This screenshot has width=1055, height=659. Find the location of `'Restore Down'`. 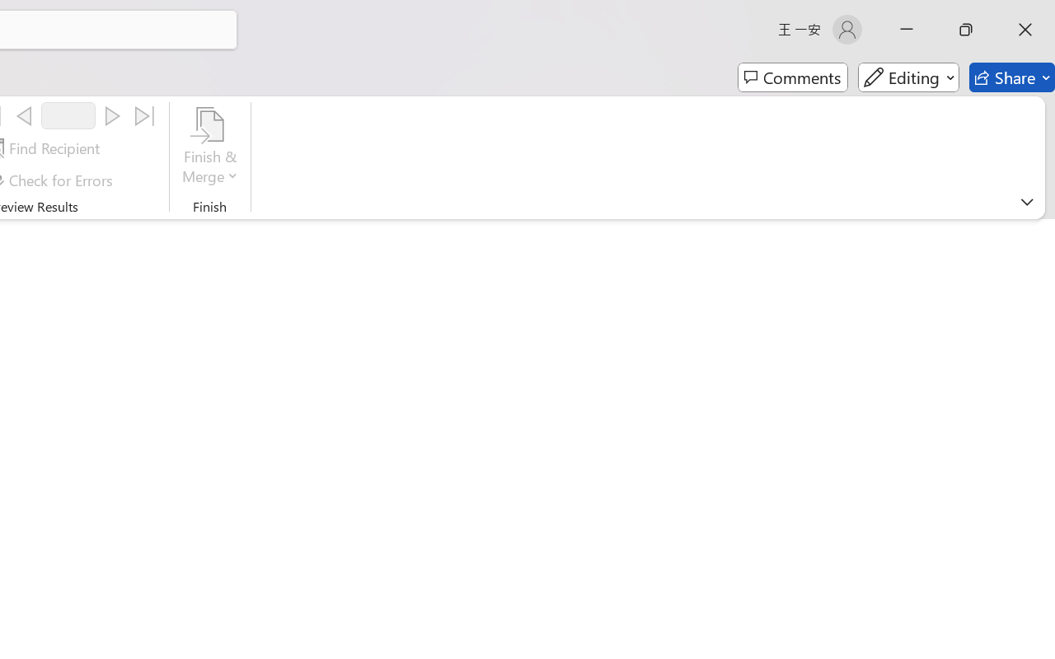

'Restore Down' is located at coordinates (966, 29).